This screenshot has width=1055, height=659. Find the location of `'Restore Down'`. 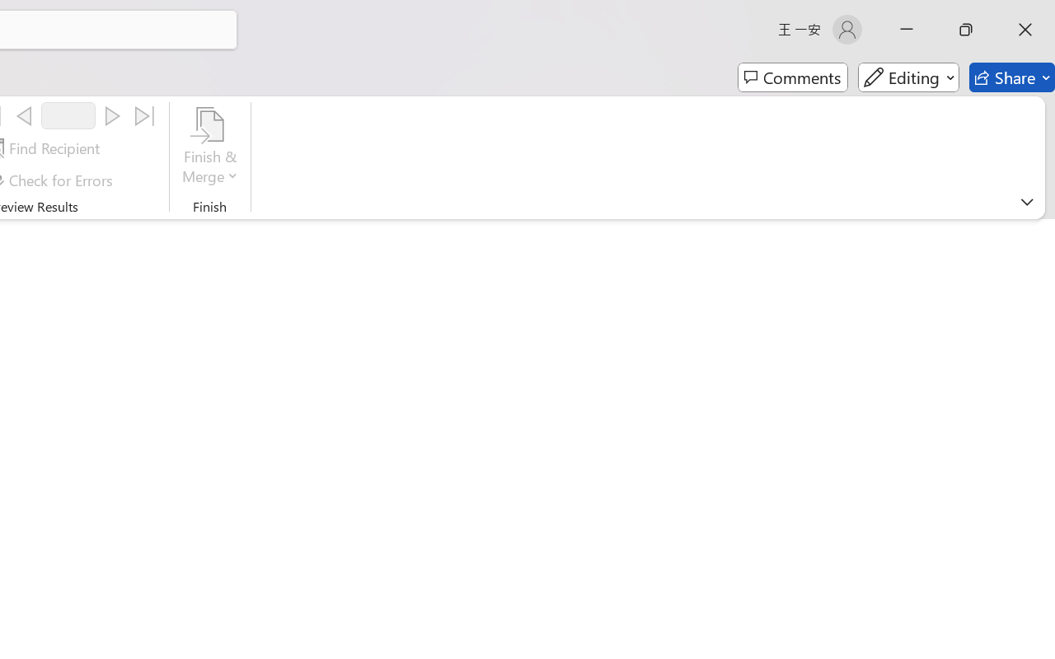

'Restore Down' is located at coordinates (966, 29).